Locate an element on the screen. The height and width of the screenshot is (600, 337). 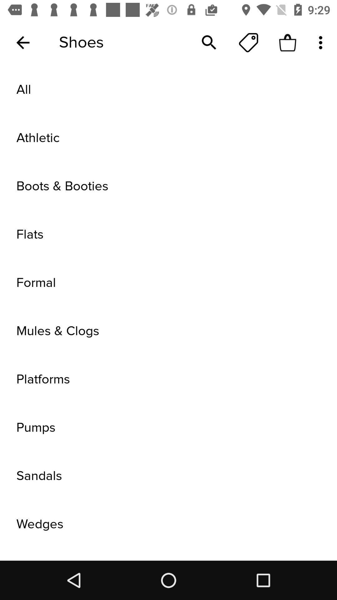
the item above all item is located at coordinates (209, 42).